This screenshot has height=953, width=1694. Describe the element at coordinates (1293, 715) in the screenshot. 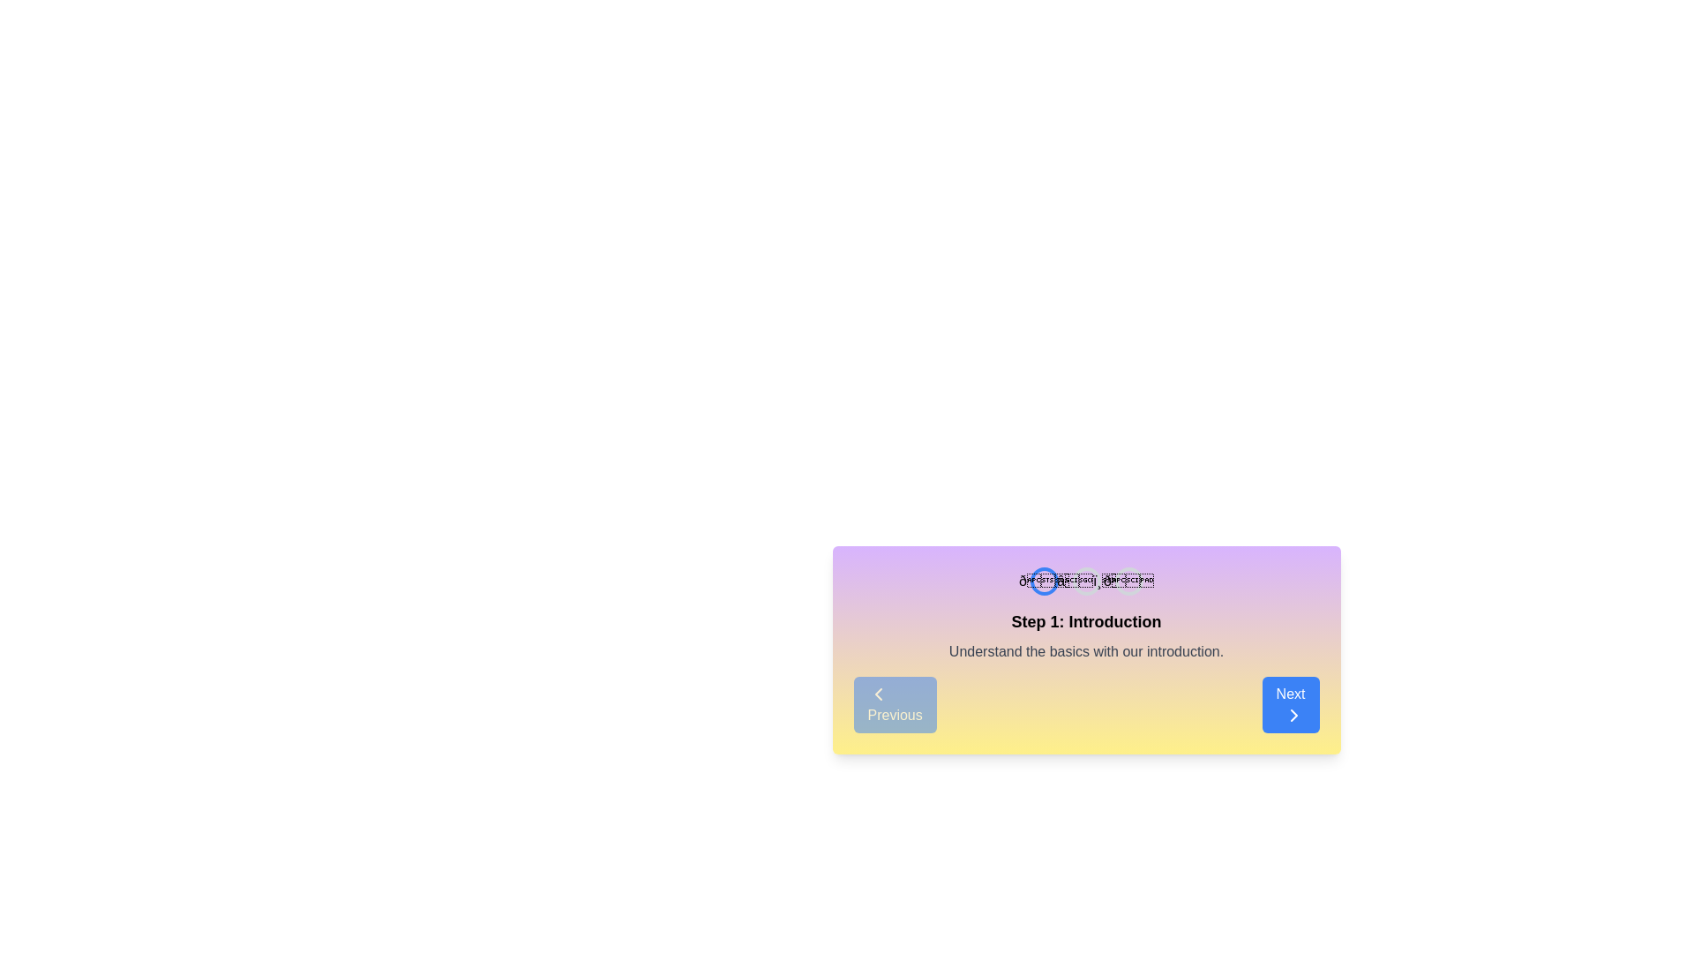

I see `the rightward chevron arrow icon located next to the 'Next' button in the navigation bar` at that location.